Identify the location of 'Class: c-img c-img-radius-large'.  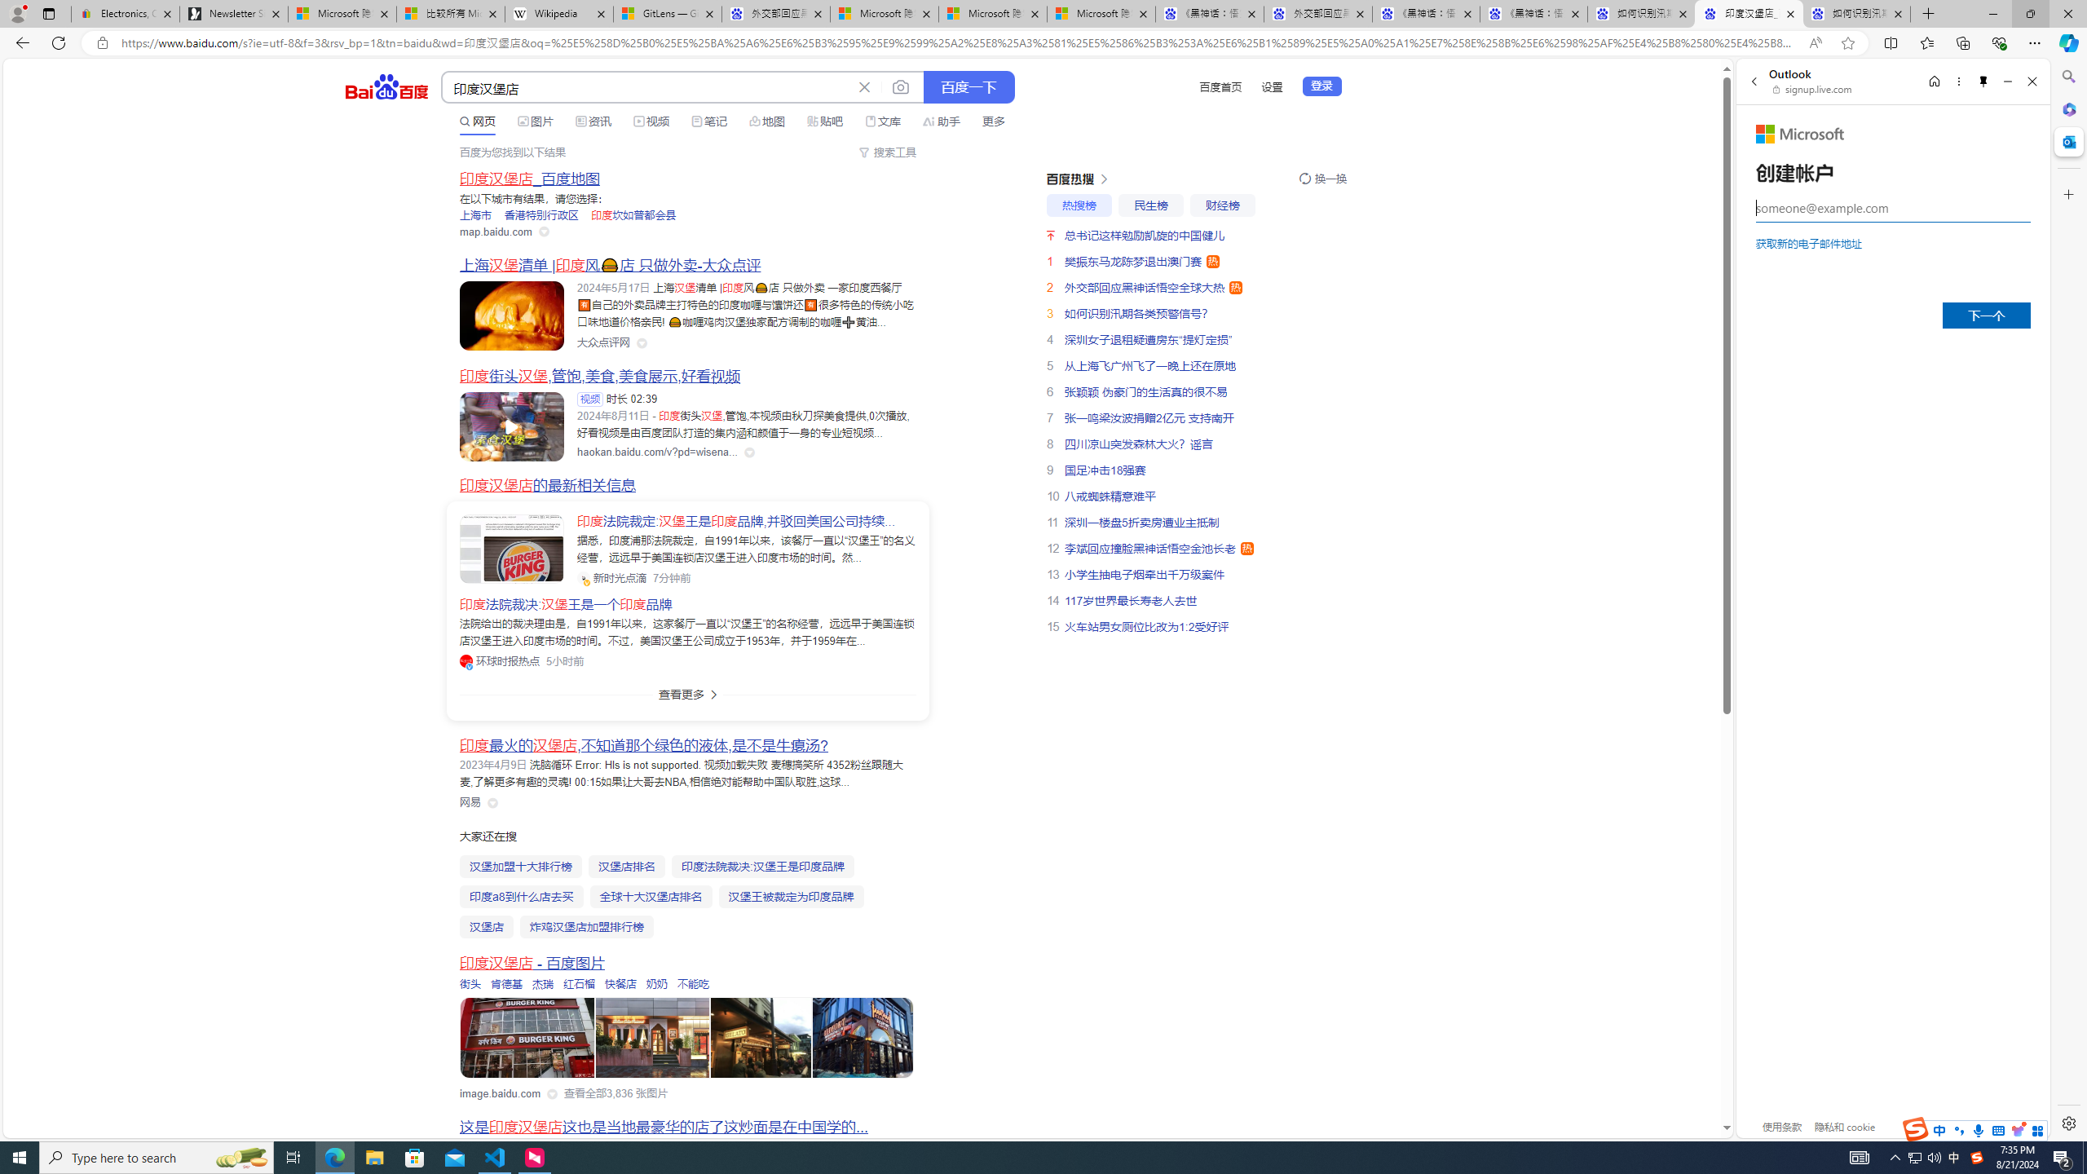
(511, 549).